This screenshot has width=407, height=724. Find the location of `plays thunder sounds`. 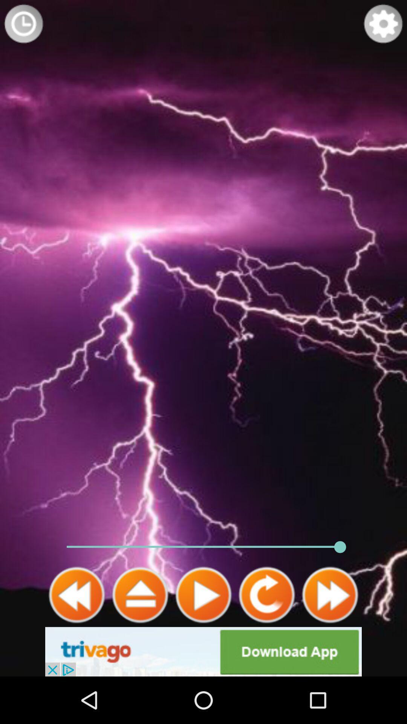

plays thunder sounds is located at coordinates (203, 595).